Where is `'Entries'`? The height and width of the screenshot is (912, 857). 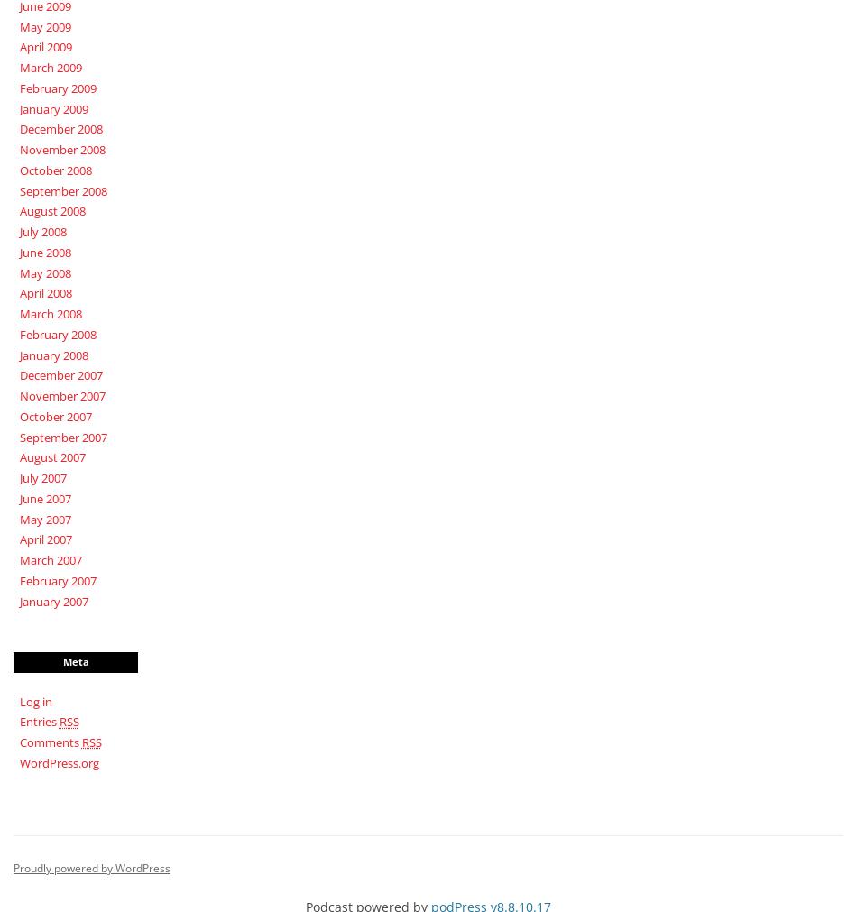
'Entries' is located at coordinates (18, 721).